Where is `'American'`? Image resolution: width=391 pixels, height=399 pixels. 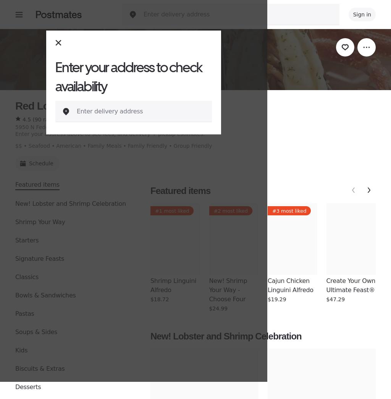 'American' is located at coordinates (69, 145).